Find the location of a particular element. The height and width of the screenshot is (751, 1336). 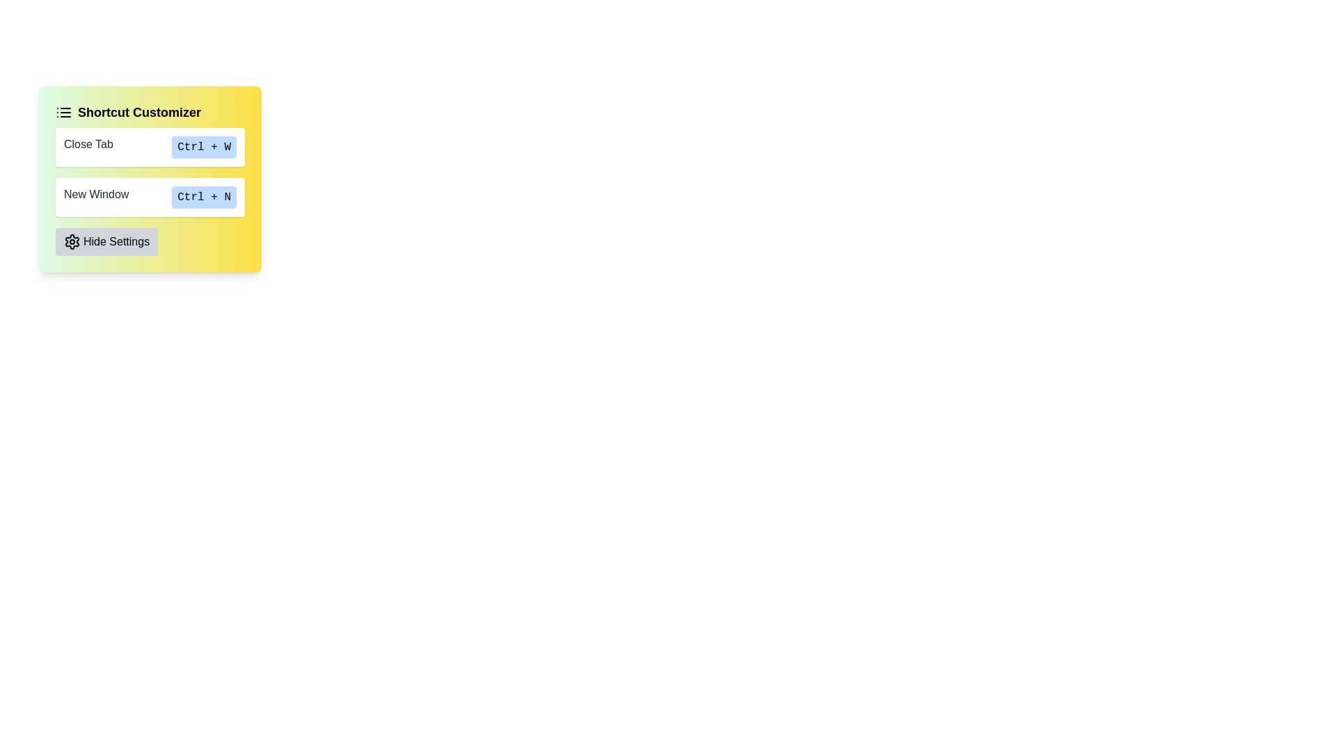

the text element labeled 'New Window' which is styled in dark gray and located near the 'Ctrl + N' blue button in the Shortcut Customizer interface is located at coordinates (95, 197).